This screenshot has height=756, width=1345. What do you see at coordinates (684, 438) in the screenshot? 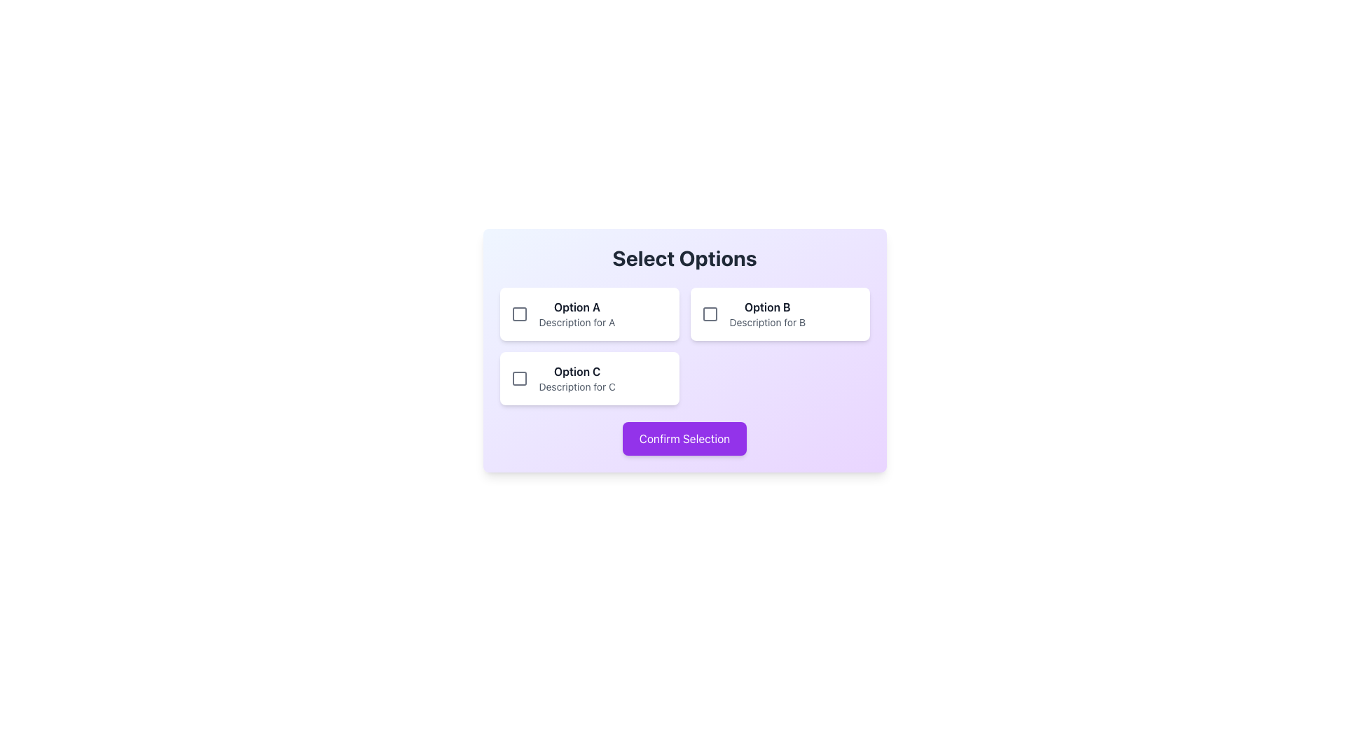
I see `the rectangular 'Confirm Selection' button with a vibrant purple background and white text, located at the bottom of the panel, to confirm the selection` at bounding box center [684, 438].